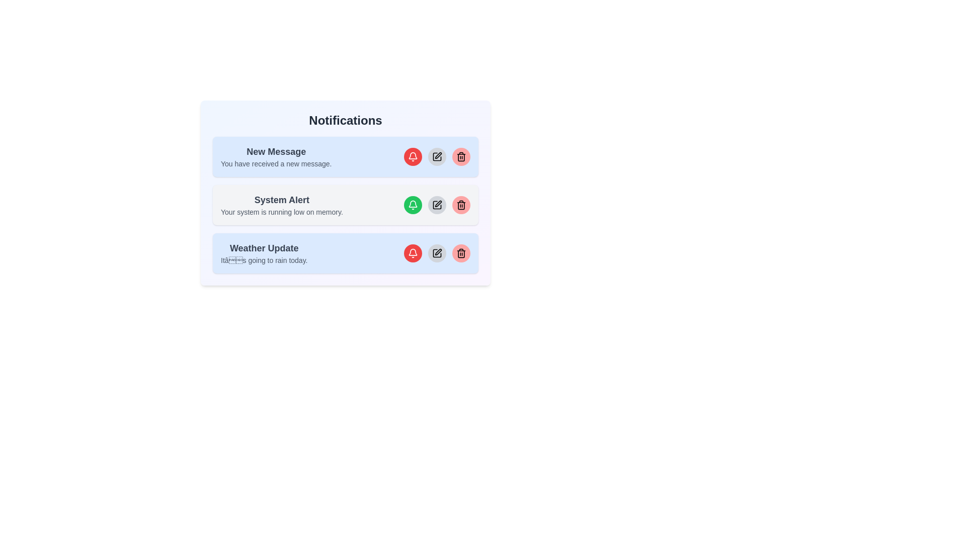  Describe the element at coordinates (437, 205) in the screenshot. I see `the edit button for the notification titled 'System Alert'` at that location.